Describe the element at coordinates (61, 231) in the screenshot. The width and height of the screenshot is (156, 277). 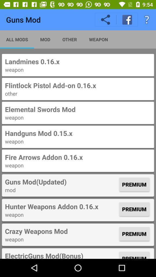
I see `the item above weapon icon` at that location.